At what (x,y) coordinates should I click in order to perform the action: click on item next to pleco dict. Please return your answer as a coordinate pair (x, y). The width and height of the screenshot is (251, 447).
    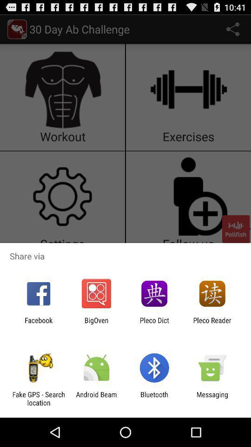
    Looking at the image, I should click on (96, 324).